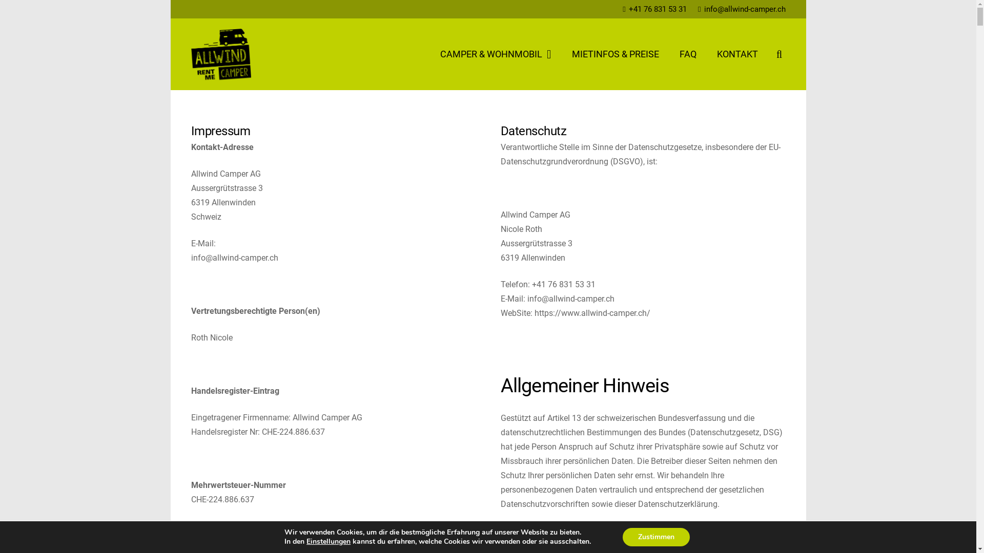  What do you see at coordinates (622, 9) in the screenshot?
I see `'+41 76 831 53 31'` at bounding box center [622, 9].